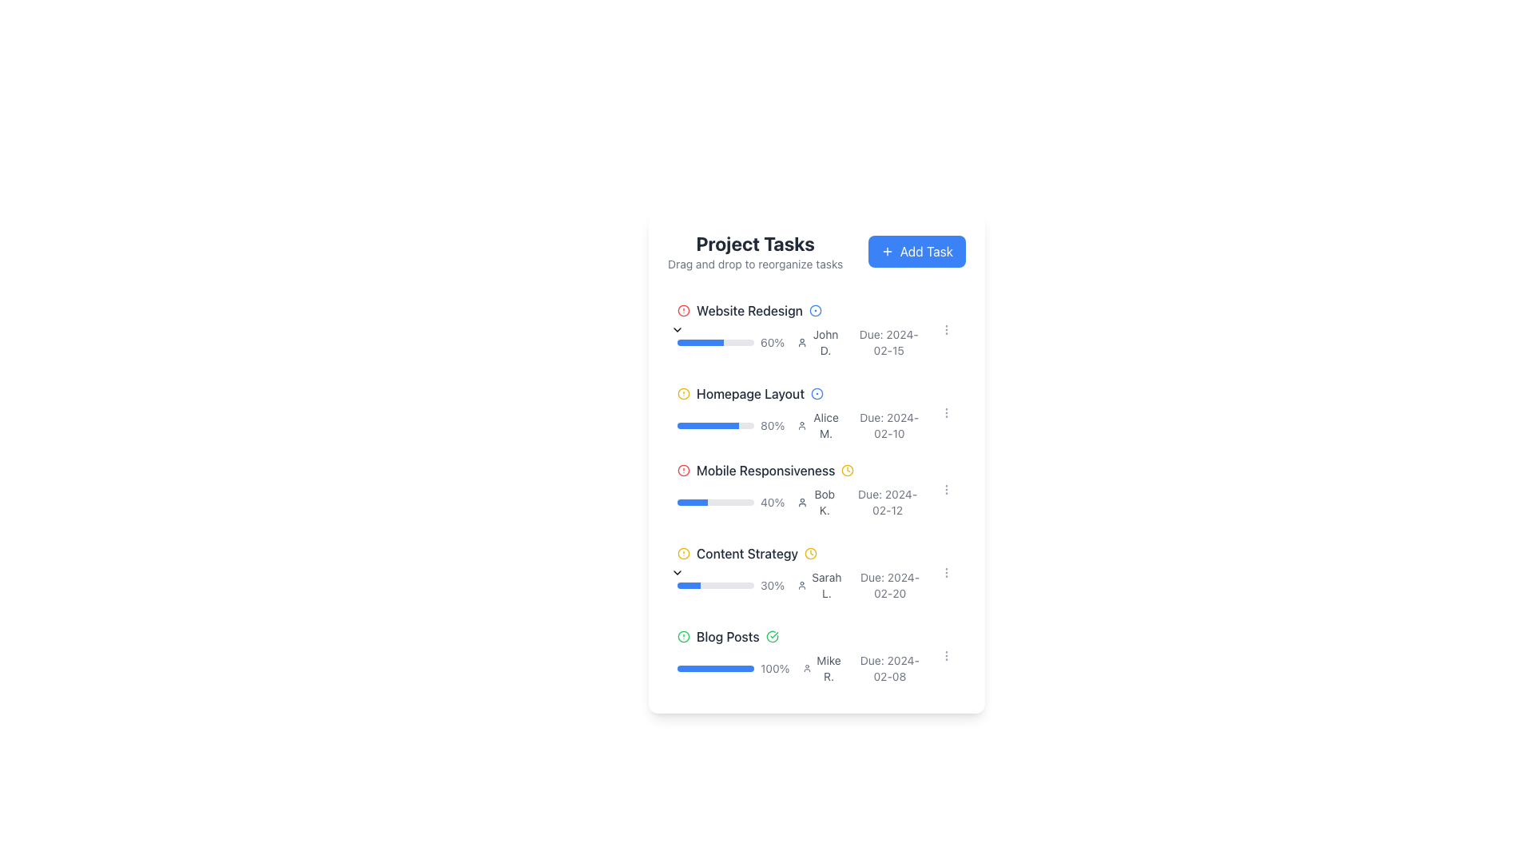  I want to click on name displayed on the text label that reads 'John D.' located next to the user icon in the task management interface for the task 'Website Redesign', so click(819, 341).